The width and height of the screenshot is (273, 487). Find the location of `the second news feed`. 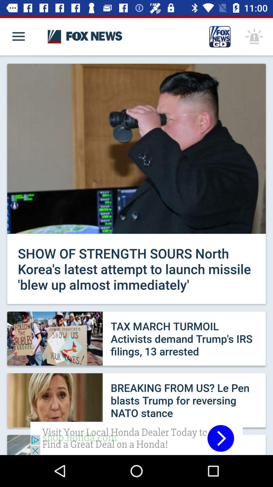

the second news feed is located at coordinates (136, 338).